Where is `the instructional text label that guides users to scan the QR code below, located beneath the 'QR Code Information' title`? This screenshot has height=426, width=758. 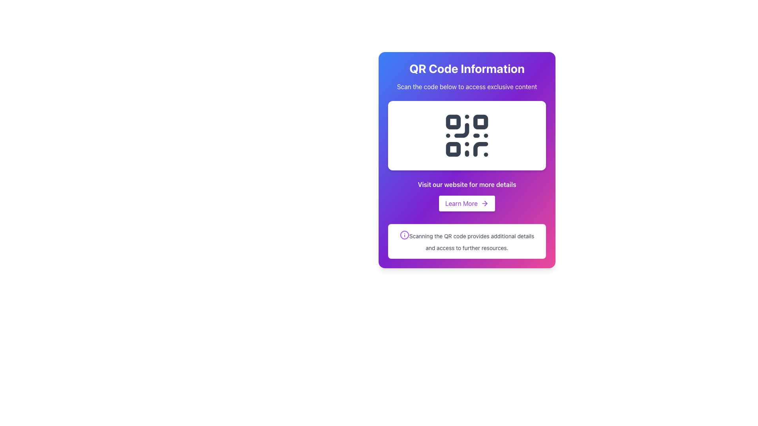 the instructional text label that guides users to scan the QR code below, located beneath the 'QR Code Information' title is located at coordinates (467, 86).